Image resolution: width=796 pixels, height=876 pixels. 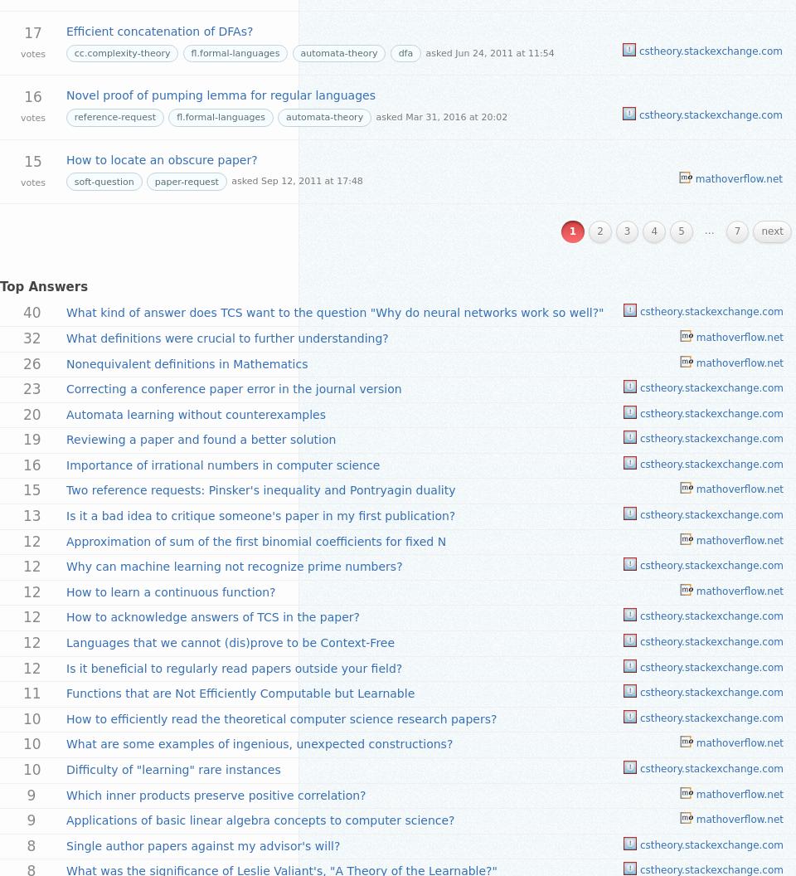 What do you see at coordinates (226, 337) in the screenshot?
I see `'What definitions were crucial to further understanding?'` at bounding box center [226, 337].